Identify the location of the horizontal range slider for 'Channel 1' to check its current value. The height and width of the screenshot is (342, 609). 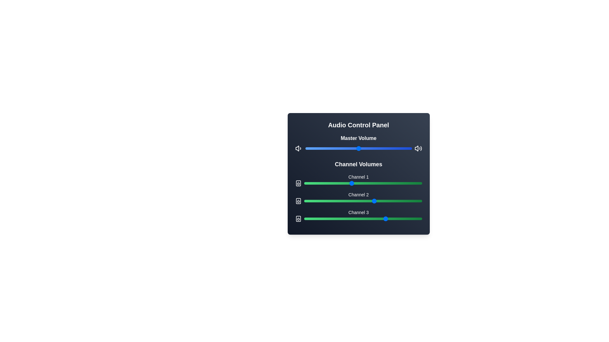
(358, 183).